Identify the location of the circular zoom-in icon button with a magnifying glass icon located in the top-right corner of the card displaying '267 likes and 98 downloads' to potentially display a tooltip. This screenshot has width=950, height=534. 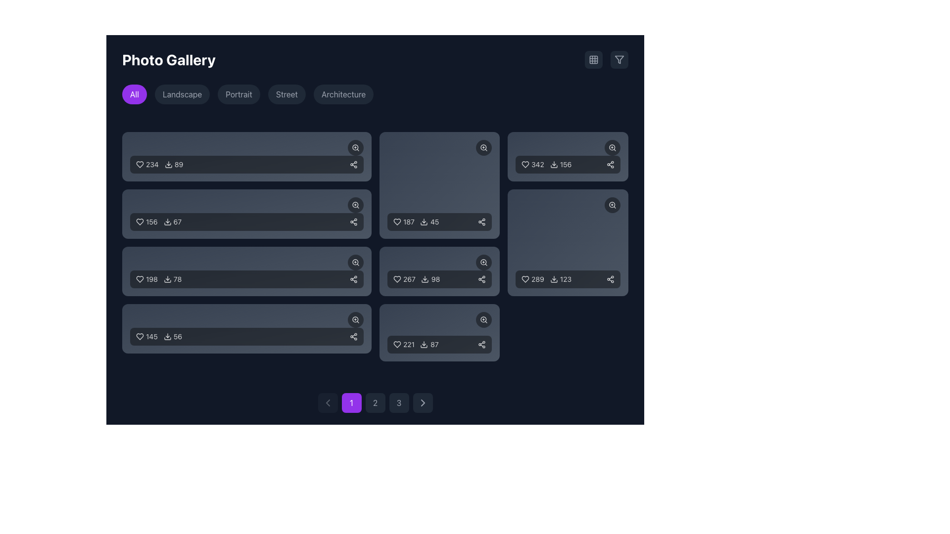
(484, 262).